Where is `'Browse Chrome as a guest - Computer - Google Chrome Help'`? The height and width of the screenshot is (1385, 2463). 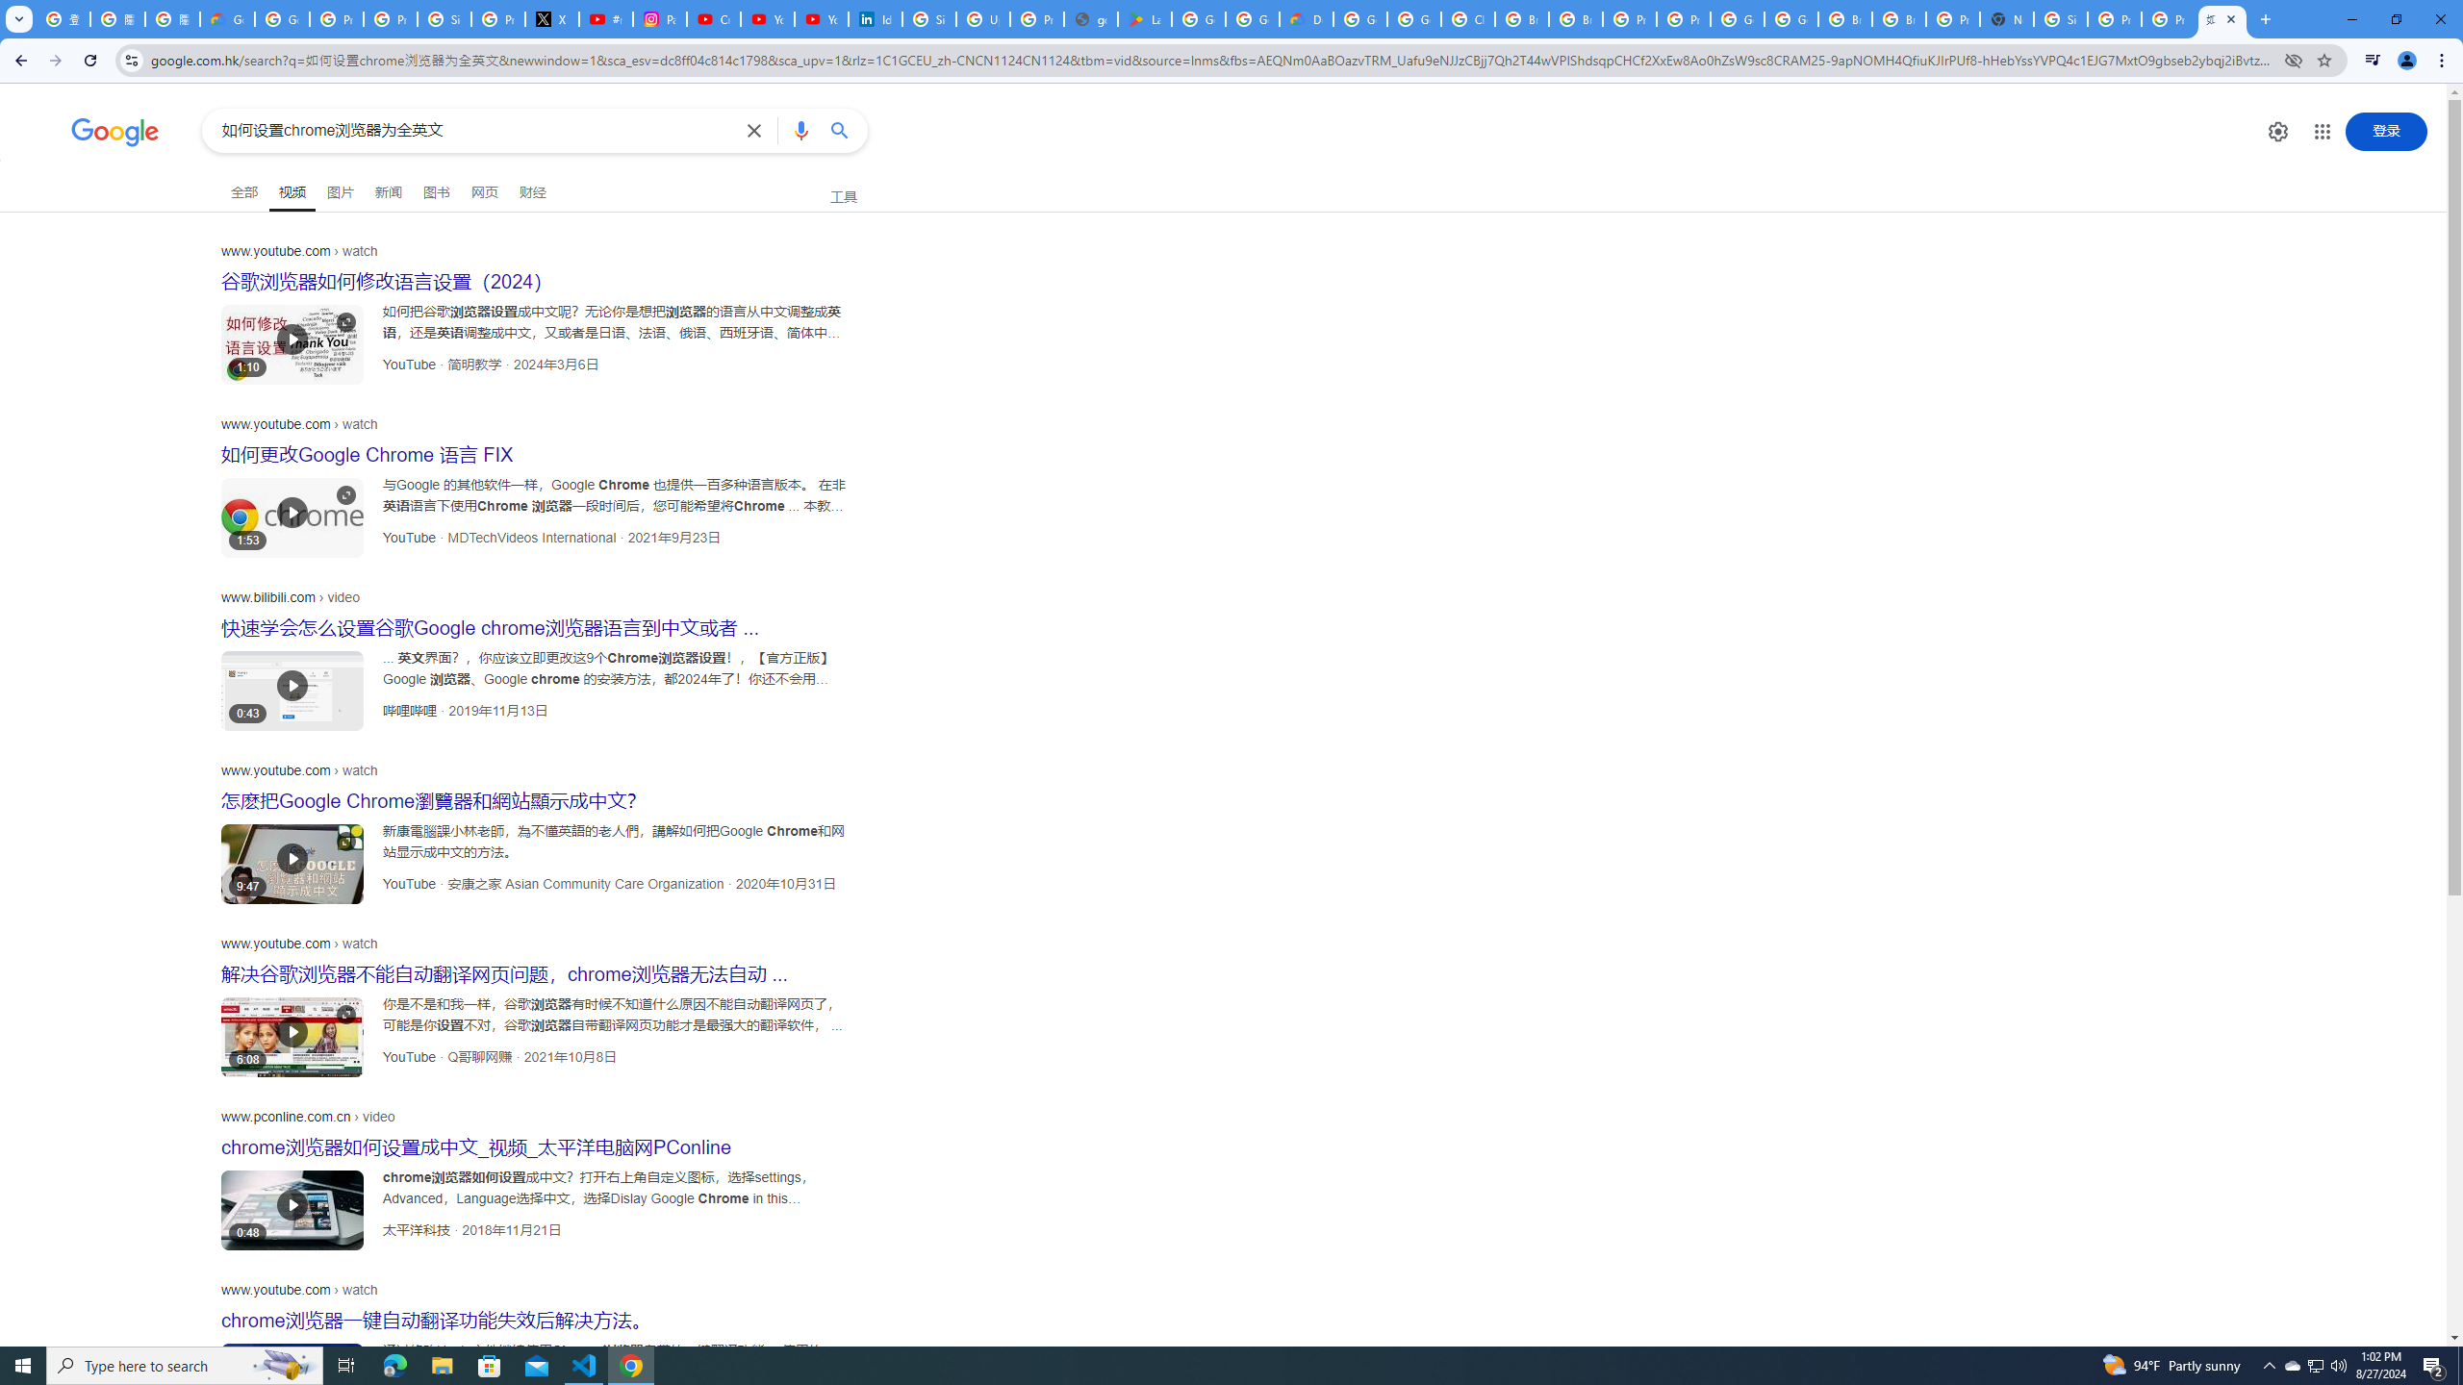
'Browse Chrome as a guest - Computer - Google Chrome Help' is located at coordinates (1521, 18).